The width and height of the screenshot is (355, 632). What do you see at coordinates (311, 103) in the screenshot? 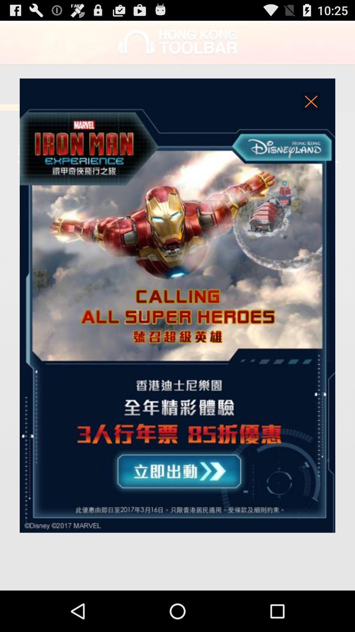
I see `advertisements` at bounding box center [311, 103].